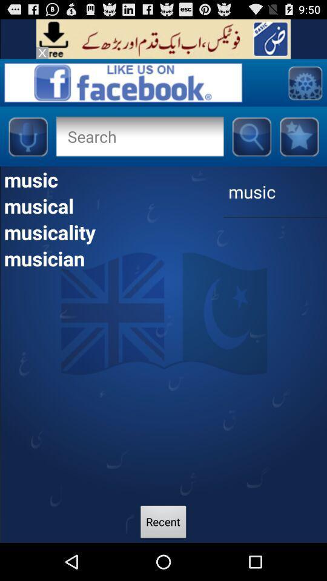  What do you see at coordinates (251, 145) in the screenshot?
I see `the search icon` at bounding box center [251, 145].